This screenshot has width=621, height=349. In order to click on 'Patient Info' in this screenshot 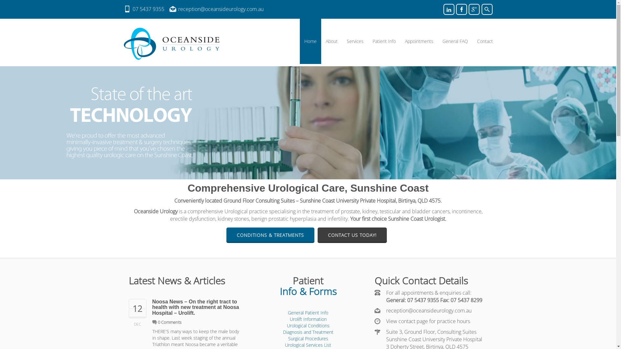, I will do `click(384, 41)`.